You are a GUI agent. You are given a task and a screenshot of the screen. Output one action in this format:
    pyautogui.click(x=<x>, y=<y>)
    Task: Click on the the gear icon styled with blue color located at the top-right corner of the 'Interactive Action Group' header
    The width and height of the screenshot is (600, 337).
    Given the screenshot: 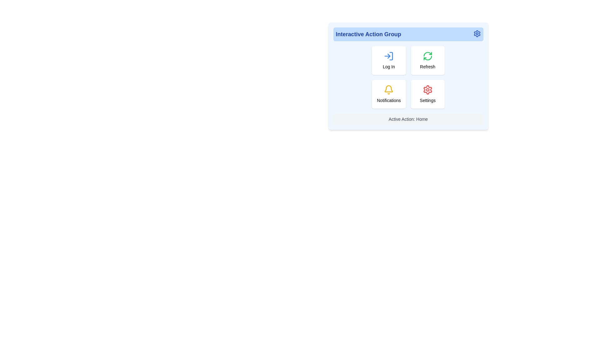 What is the action you would take?
    pyautogui.click(x=477, y=34)
    